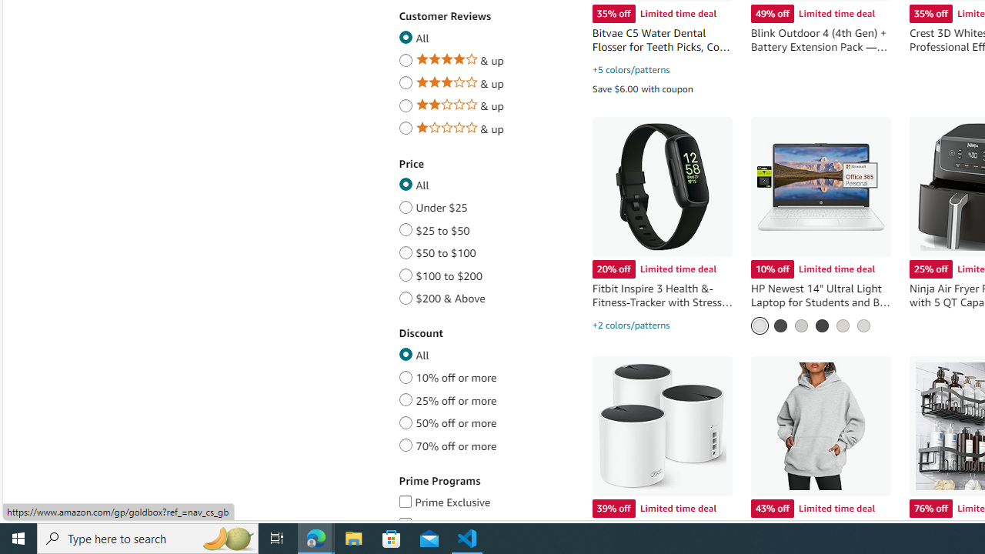 The height and width of the screenshot is (554, 985). Describe the element at coordinates (405, 499) in the screenshot. I see `'Prime Exclusive'` at that location.